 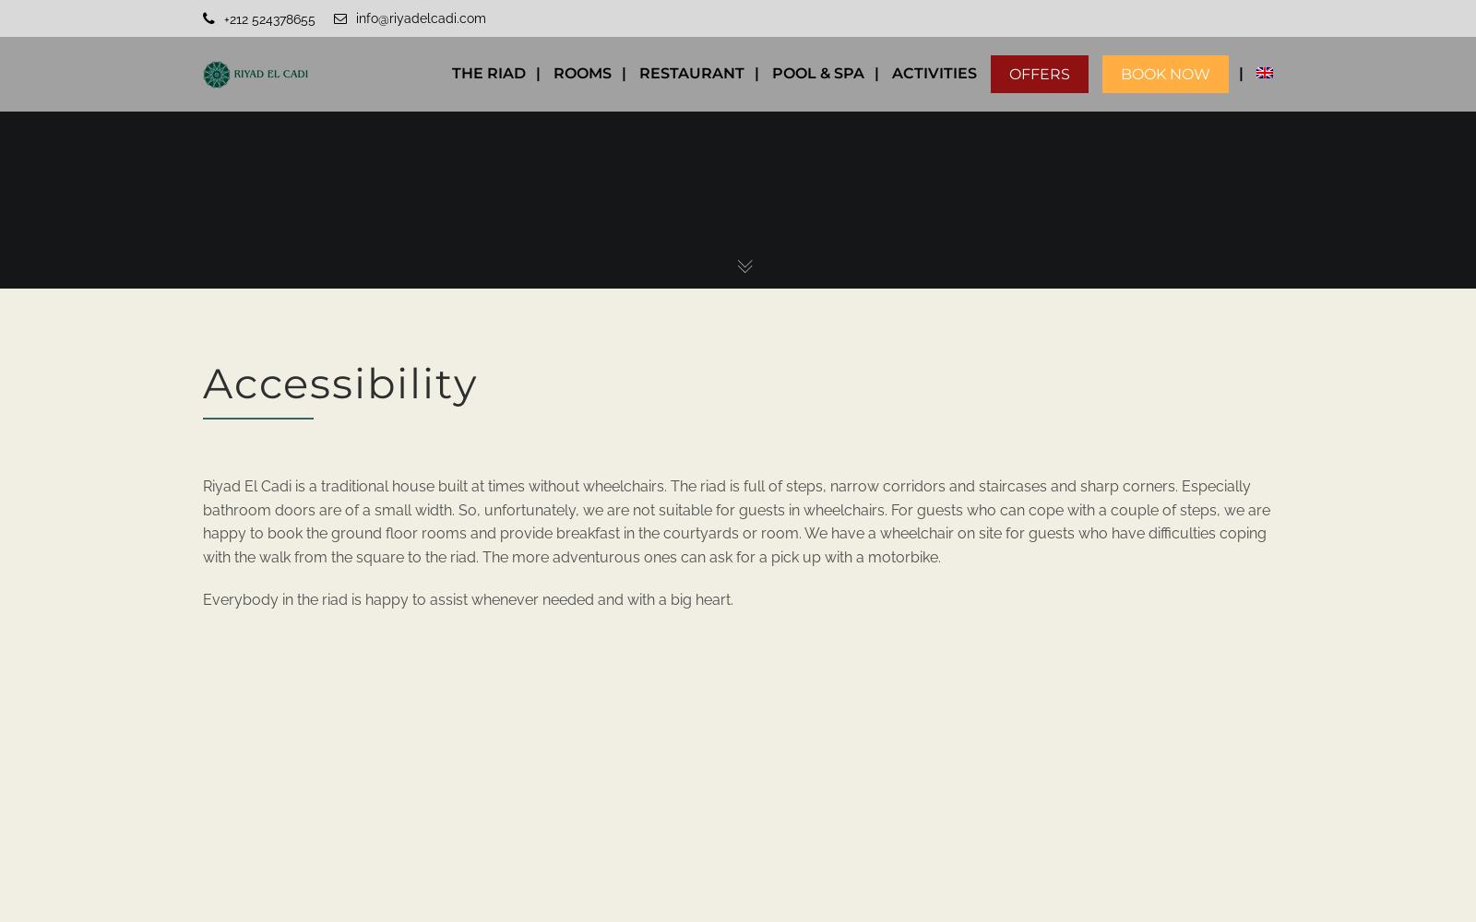 I want to click on 'info@riyadelcadi.com', so click(x=355, y=18).